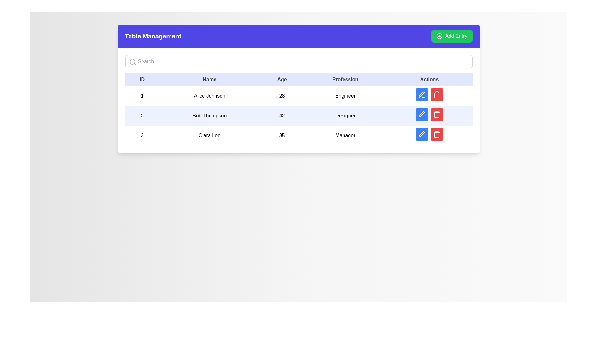 This screenshot has height=340, width=604. Describe the element at coordinates (436, 134) in the screenshot. I see `the delete icon button in the 'Actions' column for the user 'Bob Thompson'` at that location.